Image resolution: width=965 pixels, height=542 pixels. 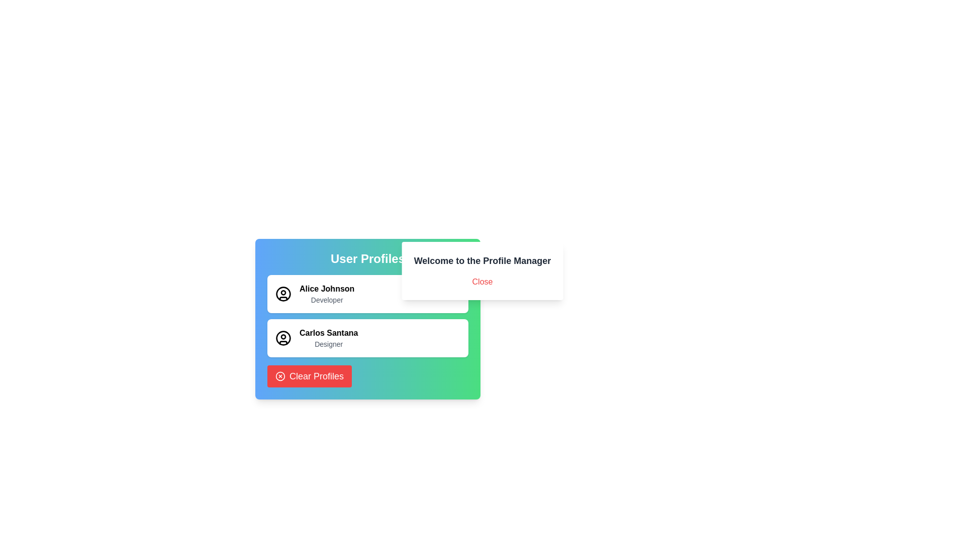 I want to click on the 'Close' button, which is a red text element indicating a warning, located at the bottom-right of the modal dialog box, so click(x=482, y=282).